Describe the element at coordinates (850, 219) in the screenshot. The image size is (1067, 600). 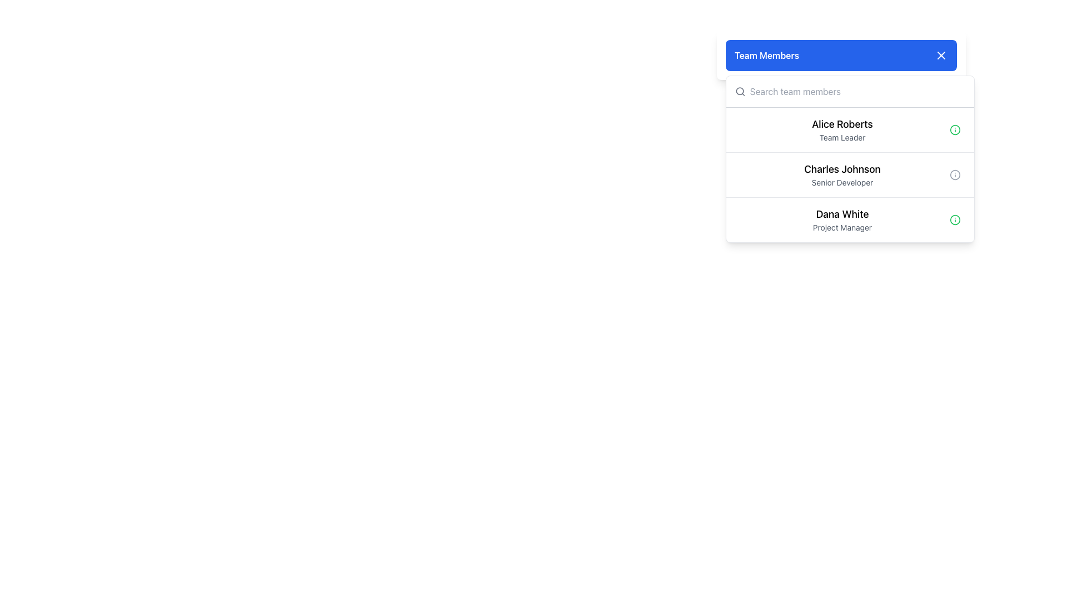
I see `the third list item` at that location.